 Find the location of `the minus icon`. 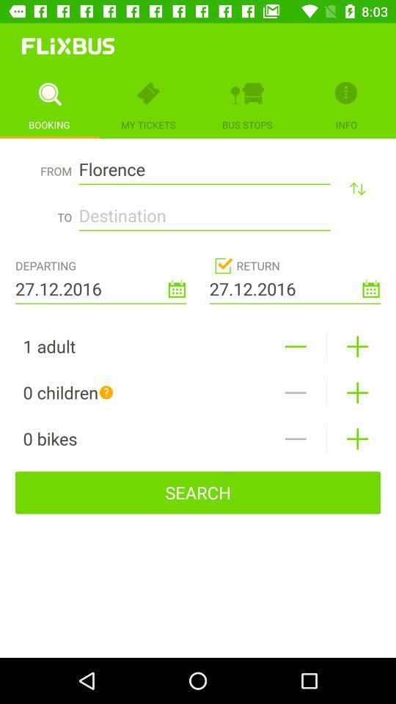

the minus icon is located at coordinates (296, 439).